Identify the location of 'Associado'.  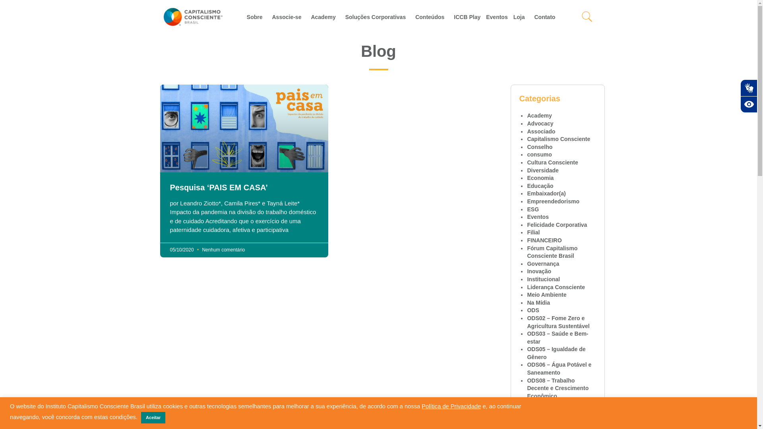
(540, 131).